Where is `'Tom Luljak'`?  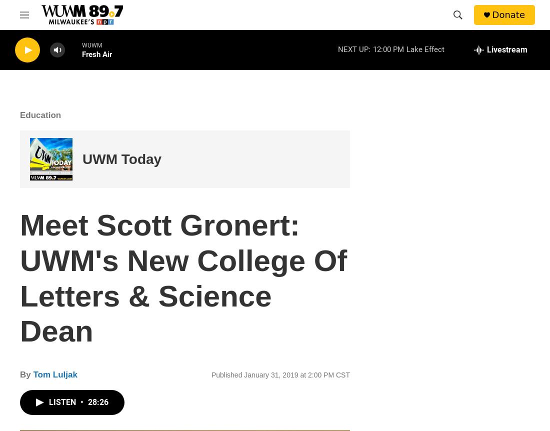
'Tom Luljak' is located at coordinates (55, 374).